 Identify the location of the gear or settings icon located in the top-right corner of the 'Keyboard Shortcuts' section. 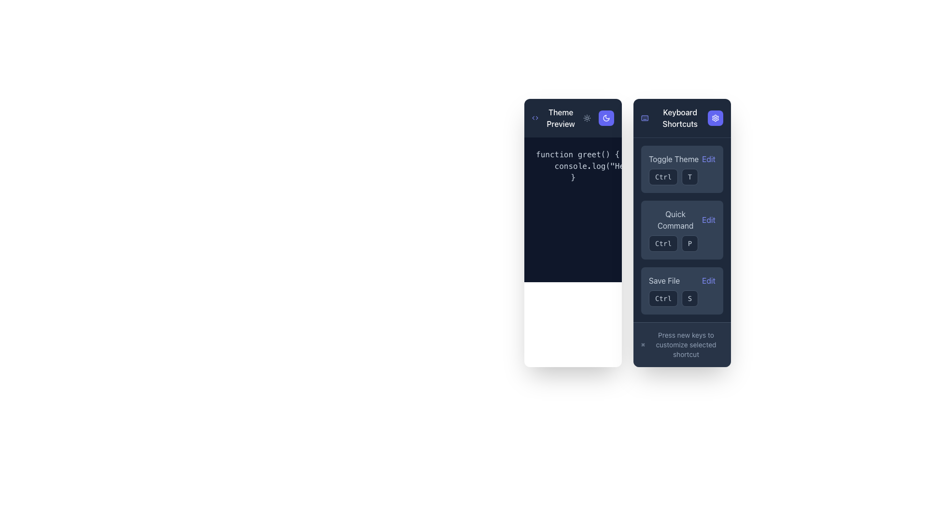
(716, 118).